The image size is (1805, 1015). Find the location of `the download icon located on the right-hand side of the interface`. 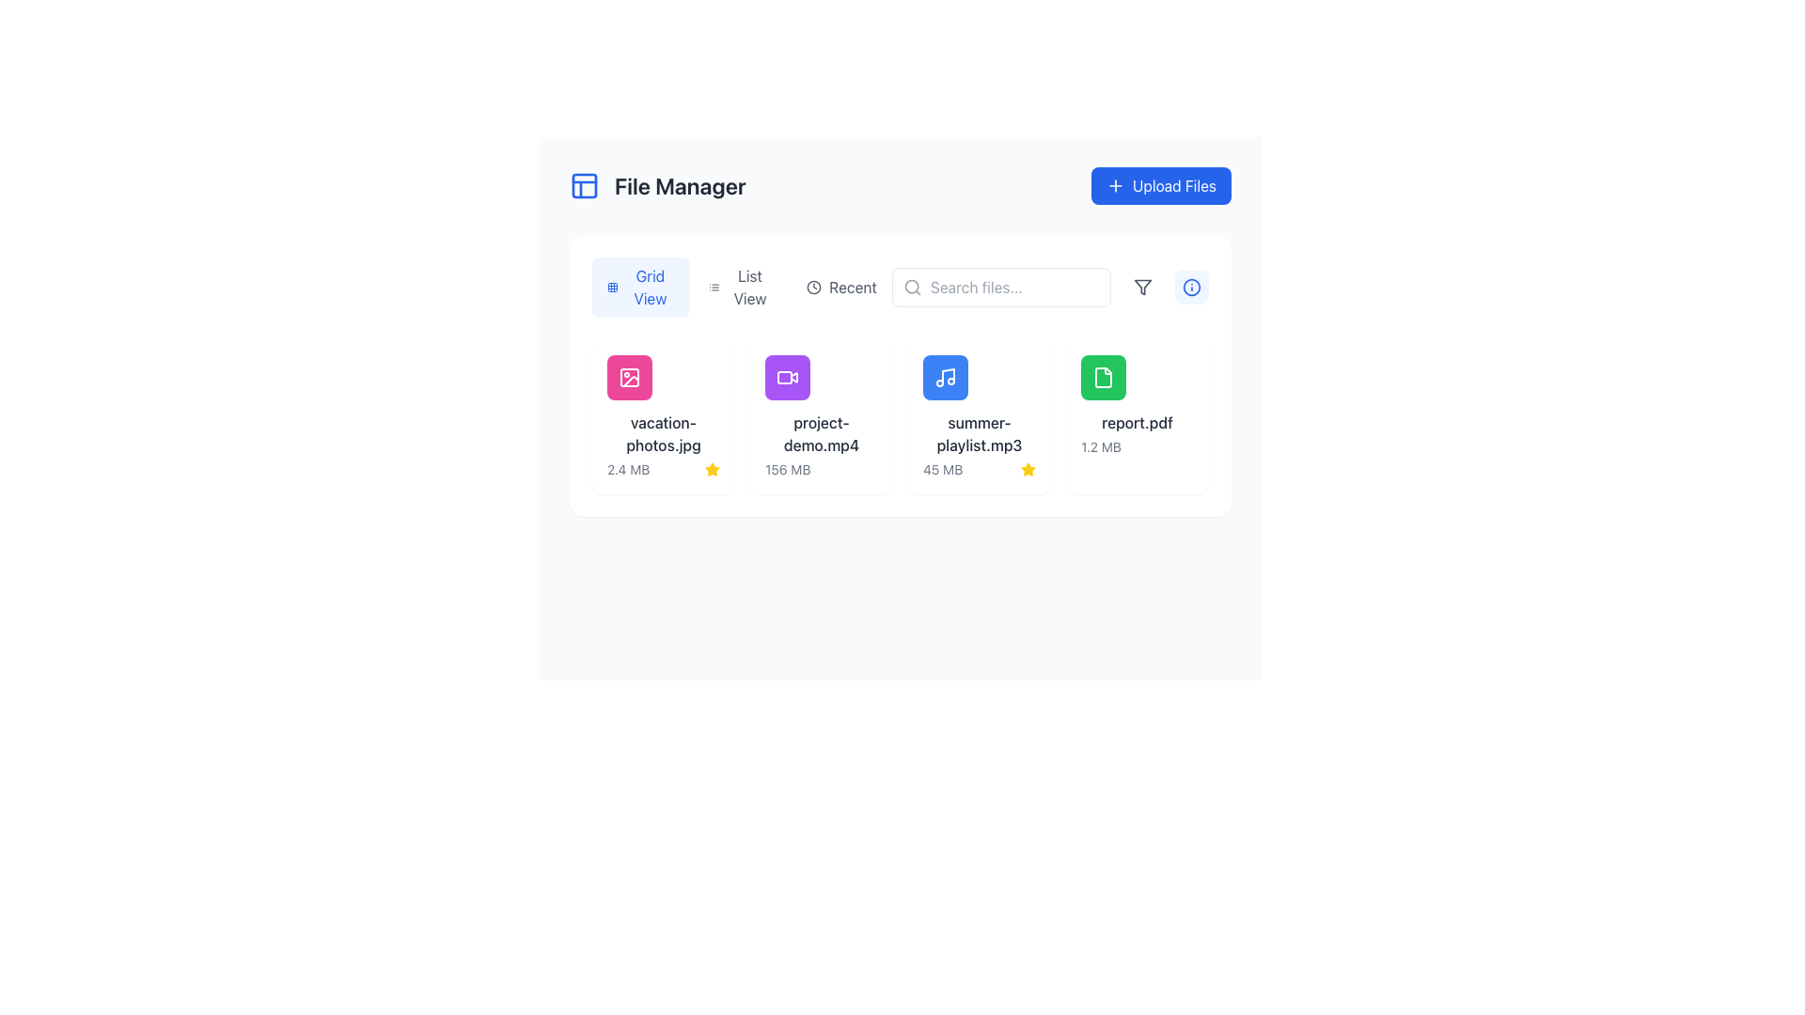

the download icon located on the right-hand side of the interface is located at coordinates (938, 466).